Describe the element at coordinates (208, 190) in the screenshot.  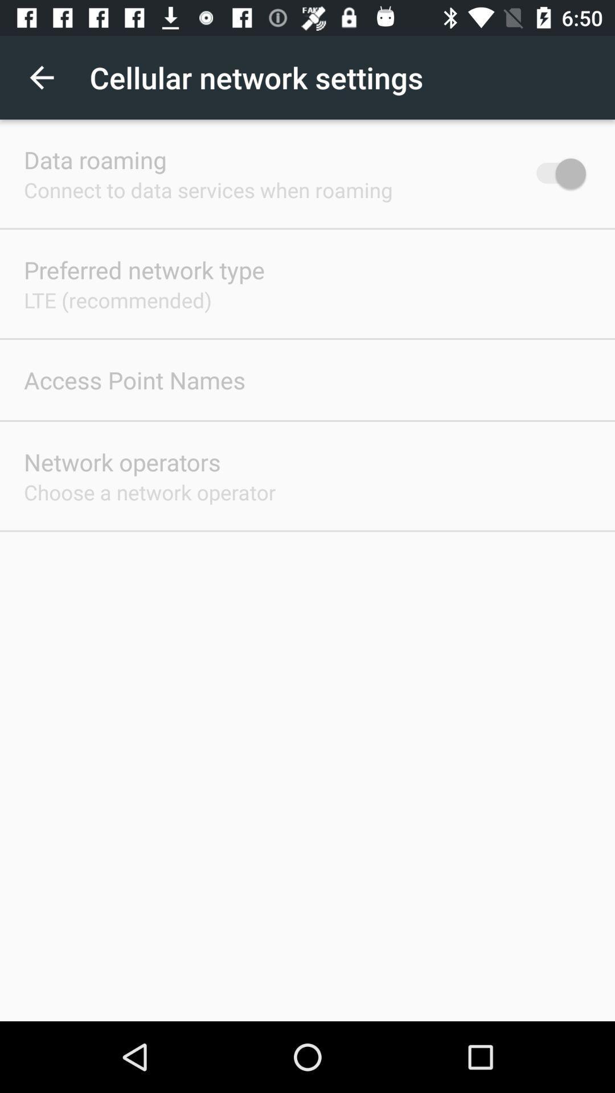
I see `app above preferred network type app` at that location.